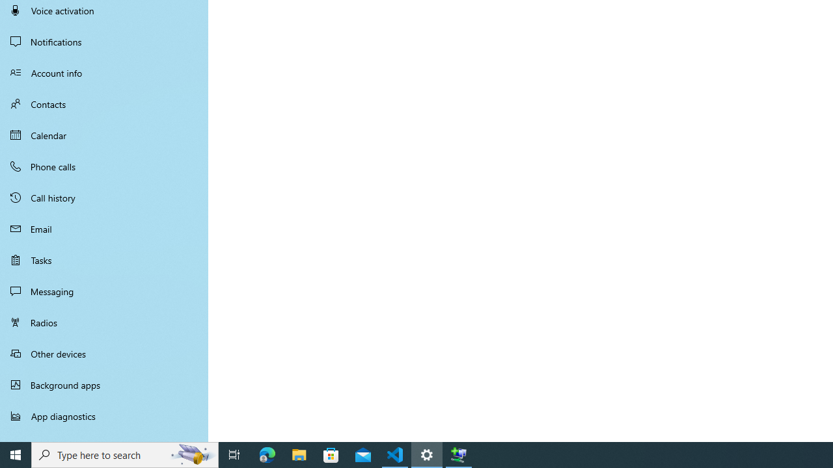  I want to click on 'Messaging', so click(104, 291).